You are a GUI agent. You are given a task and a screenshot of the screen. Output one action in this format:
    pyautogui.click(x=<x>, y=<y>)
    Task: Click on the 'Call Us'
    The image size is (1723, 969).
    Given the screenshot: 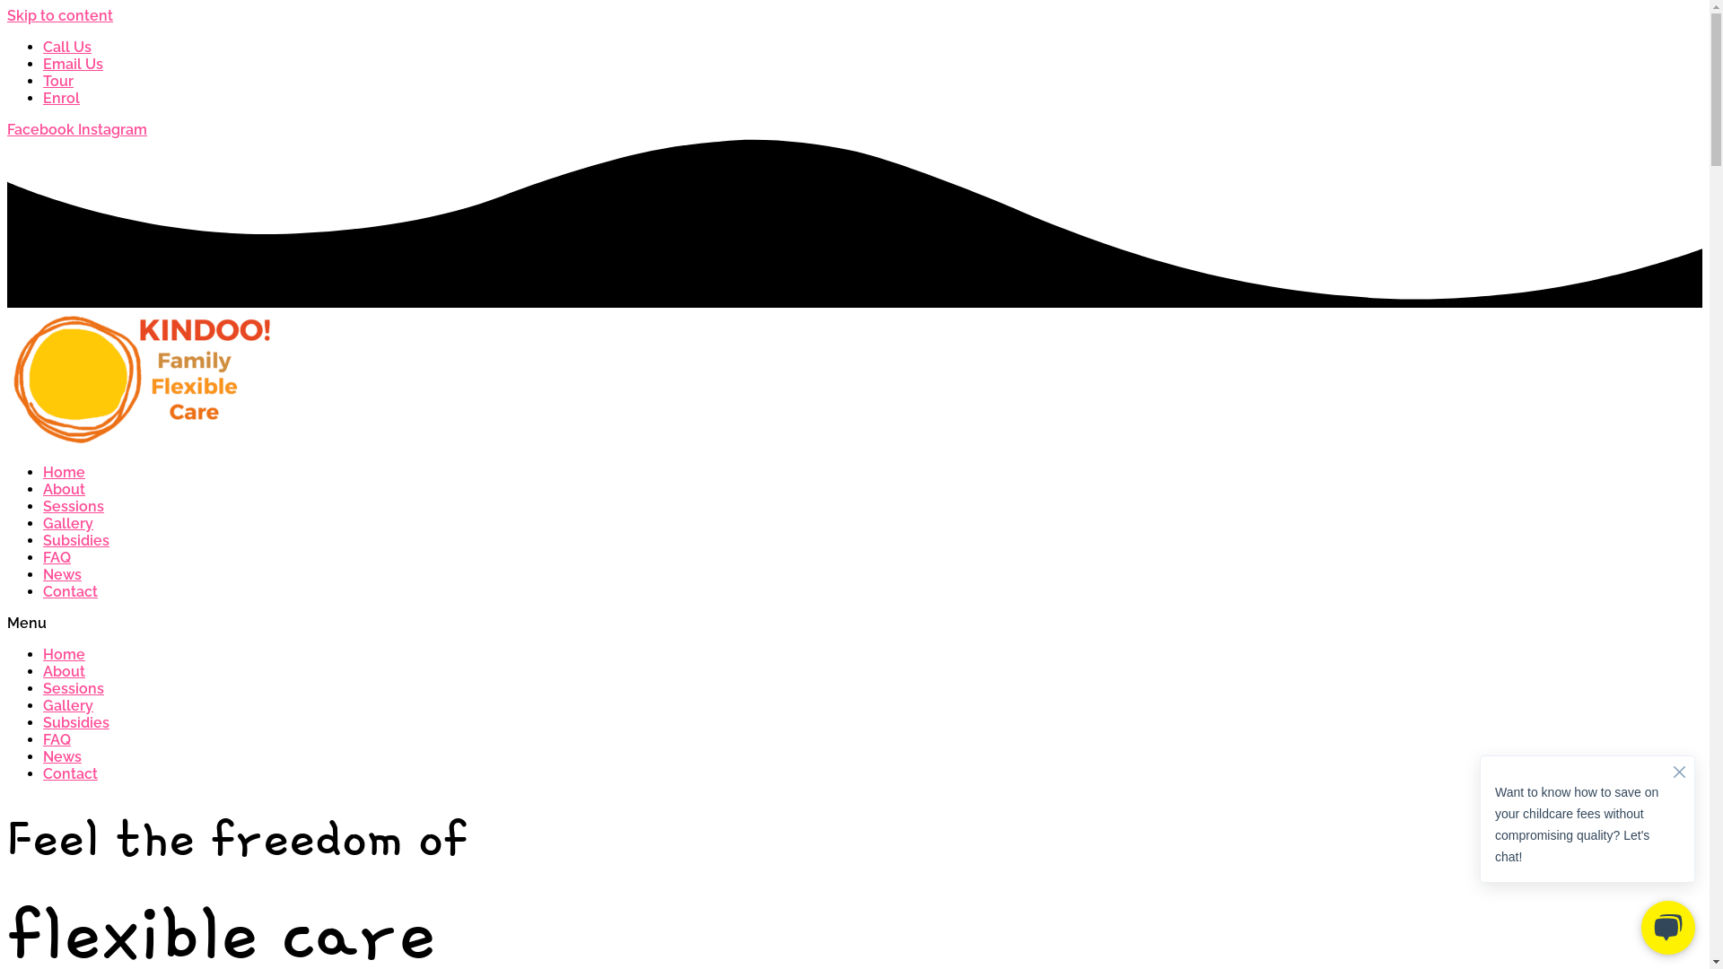 What is the action you would take?
    pyautogui.click(x=67, y=46)
    